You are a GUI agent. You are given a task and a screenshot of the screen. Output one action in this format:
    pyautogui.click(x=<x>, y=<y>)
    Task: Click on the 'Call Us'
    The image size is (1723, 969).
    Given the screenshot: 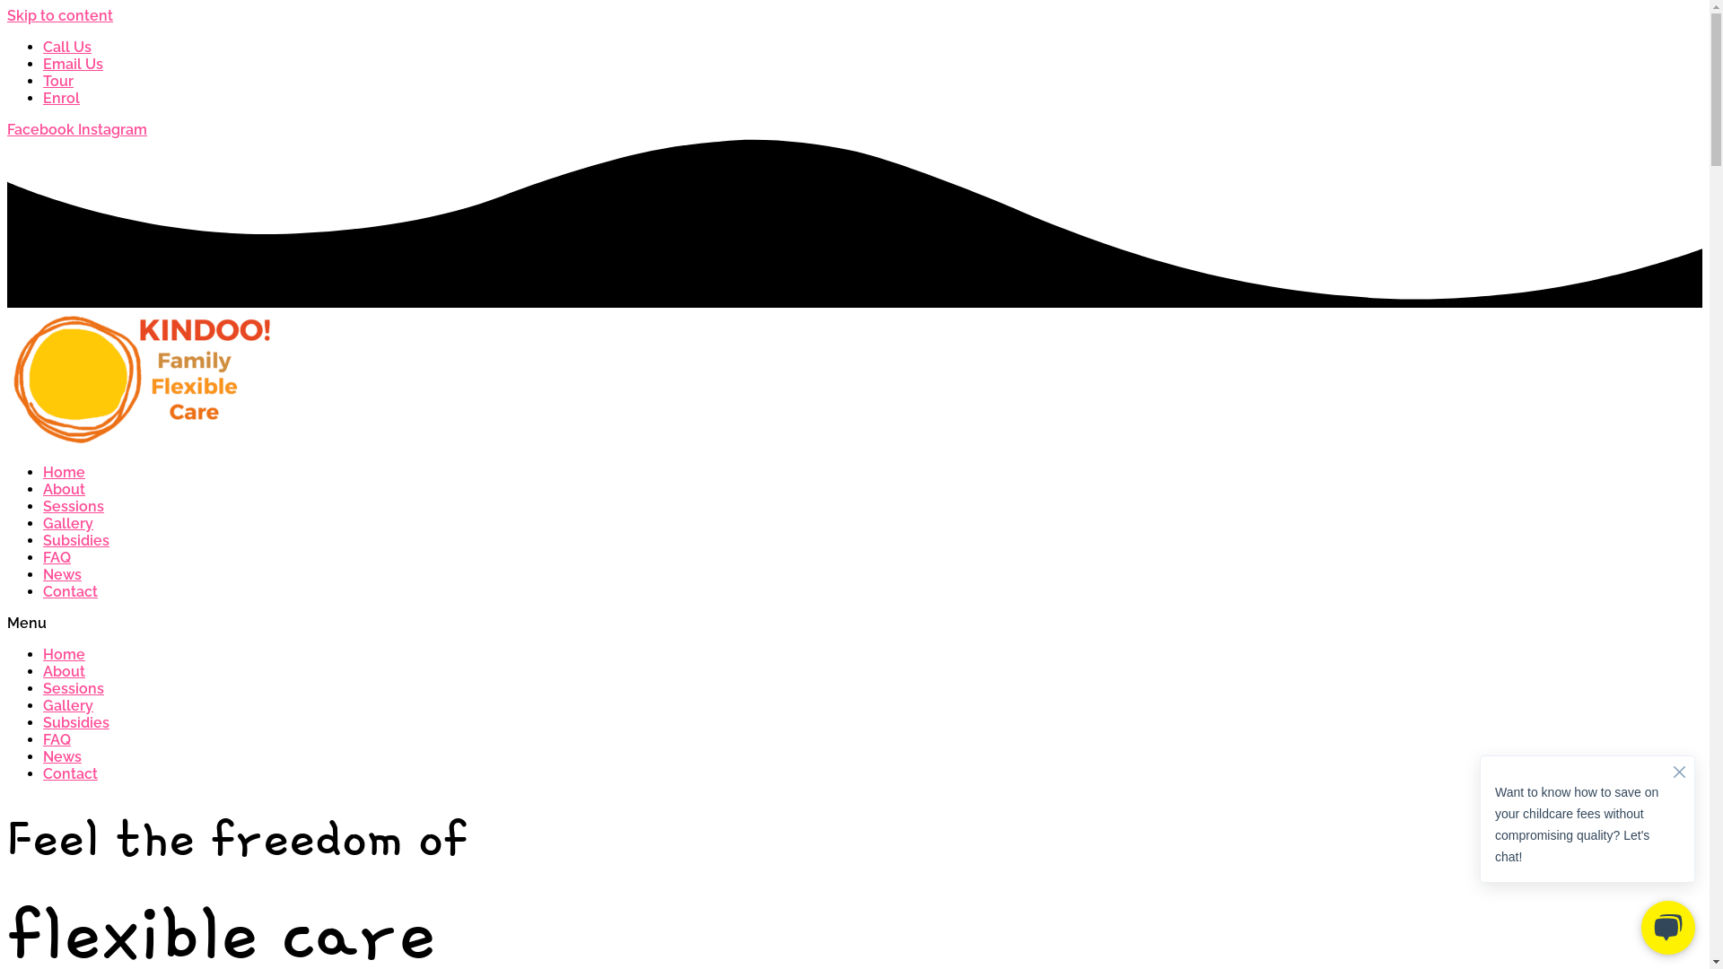 What is the action you would take?
    pyautogui.click(x=67, y=46)
    